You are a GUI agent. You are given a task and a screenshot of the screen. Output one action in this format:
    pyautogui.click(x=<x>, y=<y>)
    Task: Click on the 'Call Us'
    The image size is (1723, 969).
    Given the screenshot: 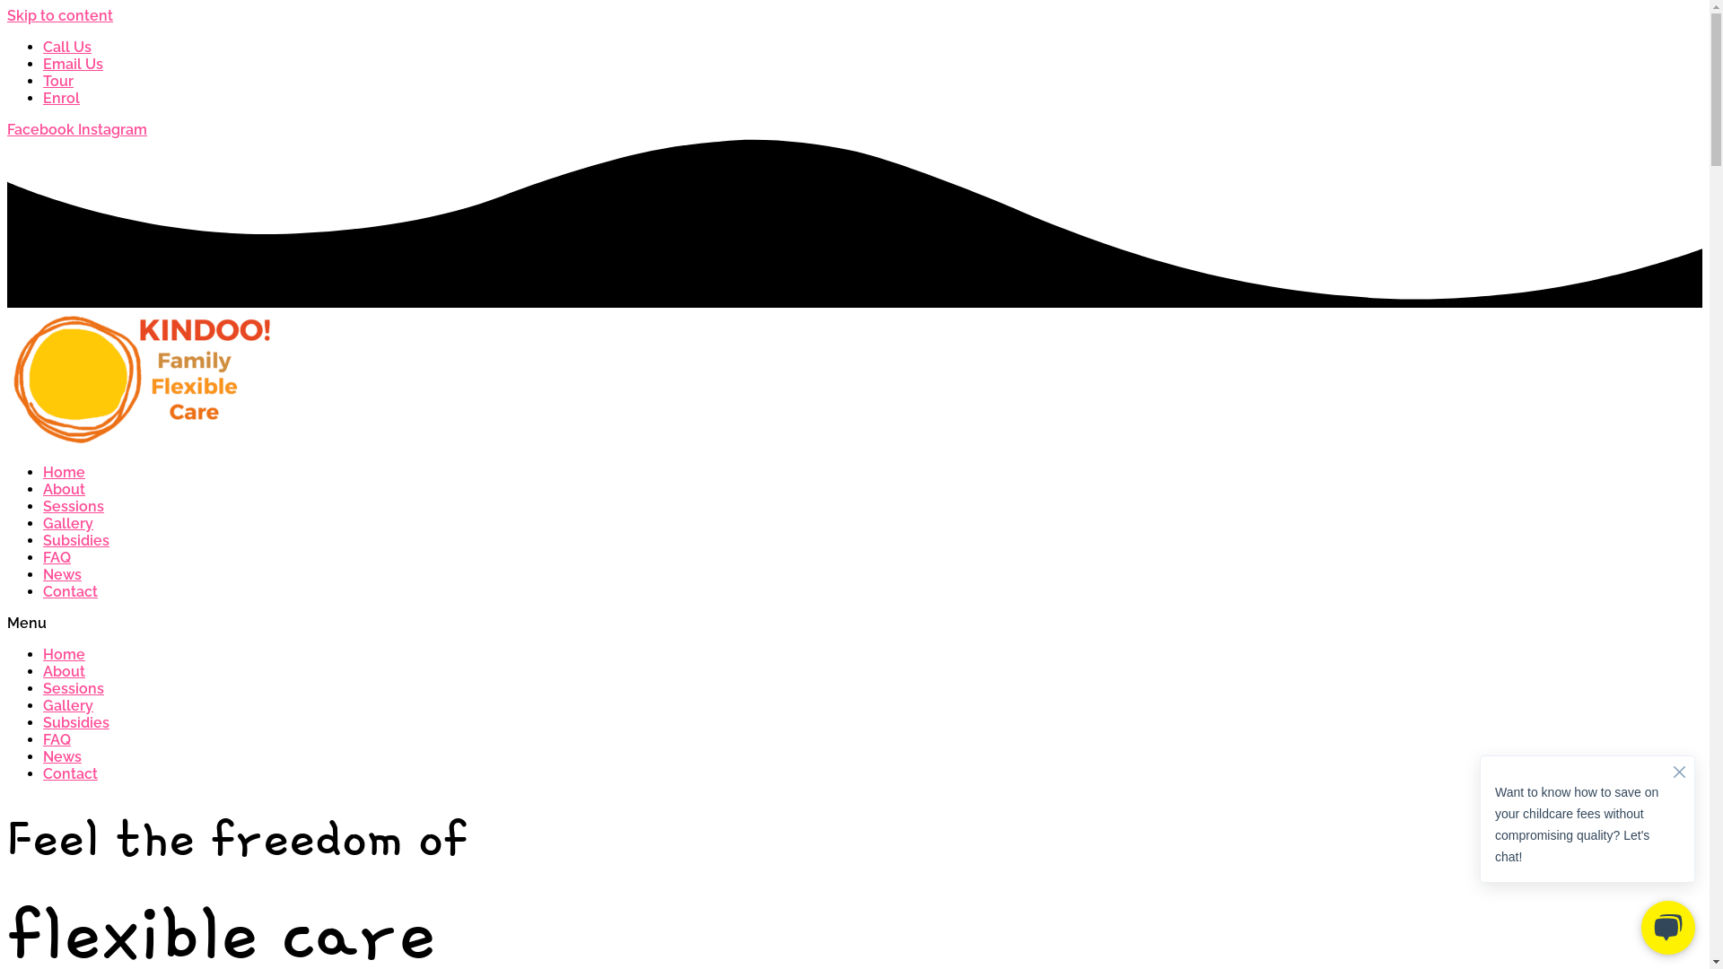 What is the action you would take?
    pyautogui.click(x=67, y=46)
    